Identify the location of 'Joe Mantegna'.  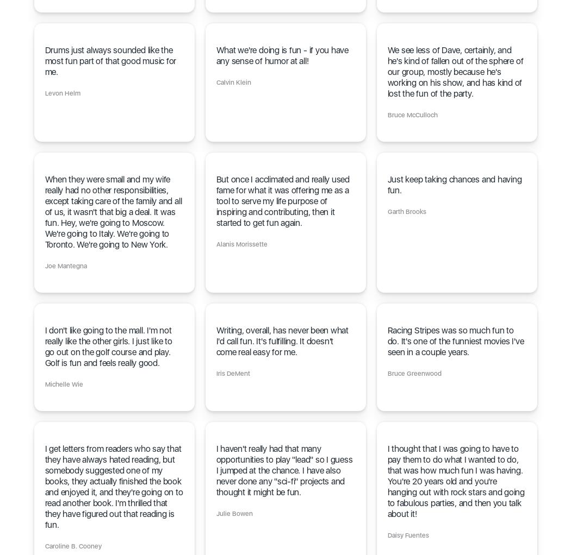
(65, 266).